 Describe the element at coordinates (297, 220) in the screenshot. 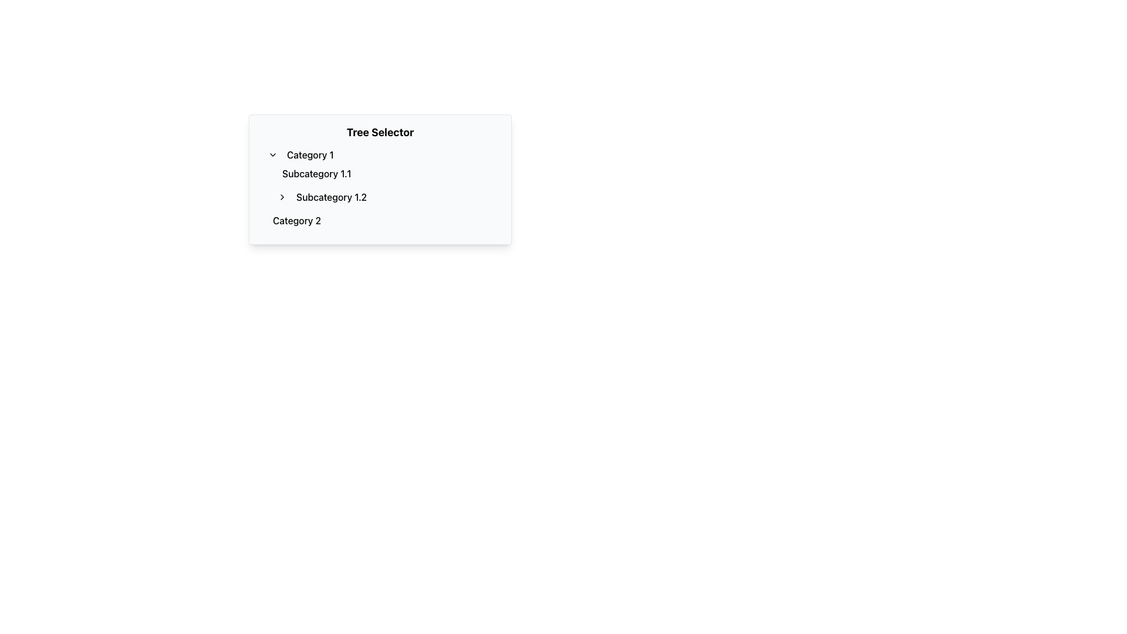

I see `the text label 'Category 2'` at that location.